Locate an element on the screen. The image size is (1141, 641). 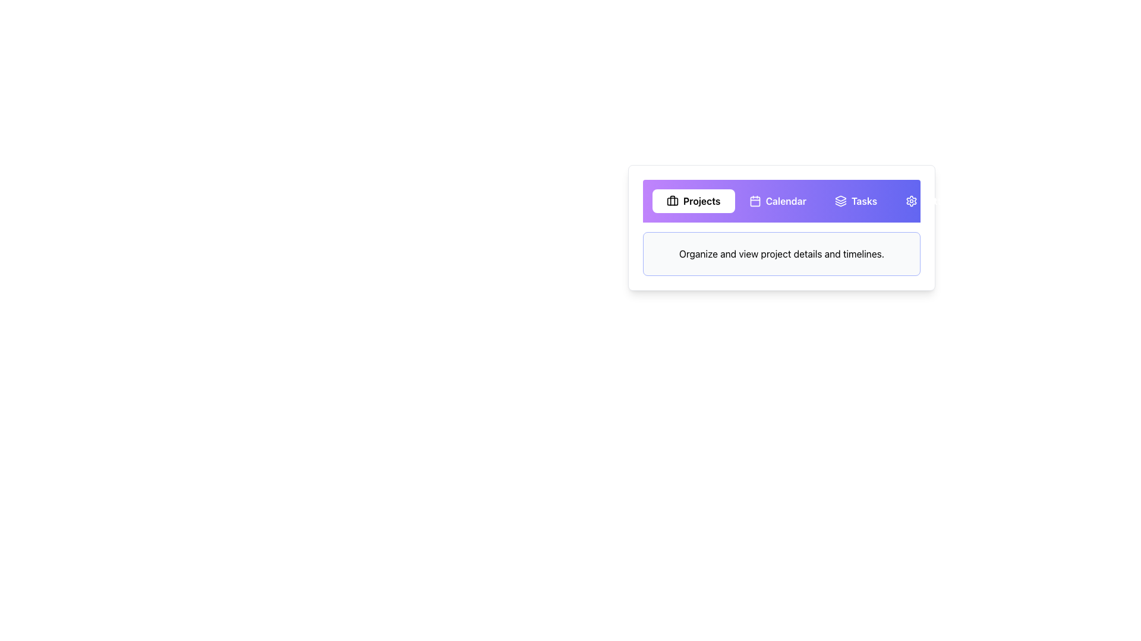
the gear icon located on the far-right of the horizontal navigation bar, which represents settings or configuration options is located at coordinates (911, 201).